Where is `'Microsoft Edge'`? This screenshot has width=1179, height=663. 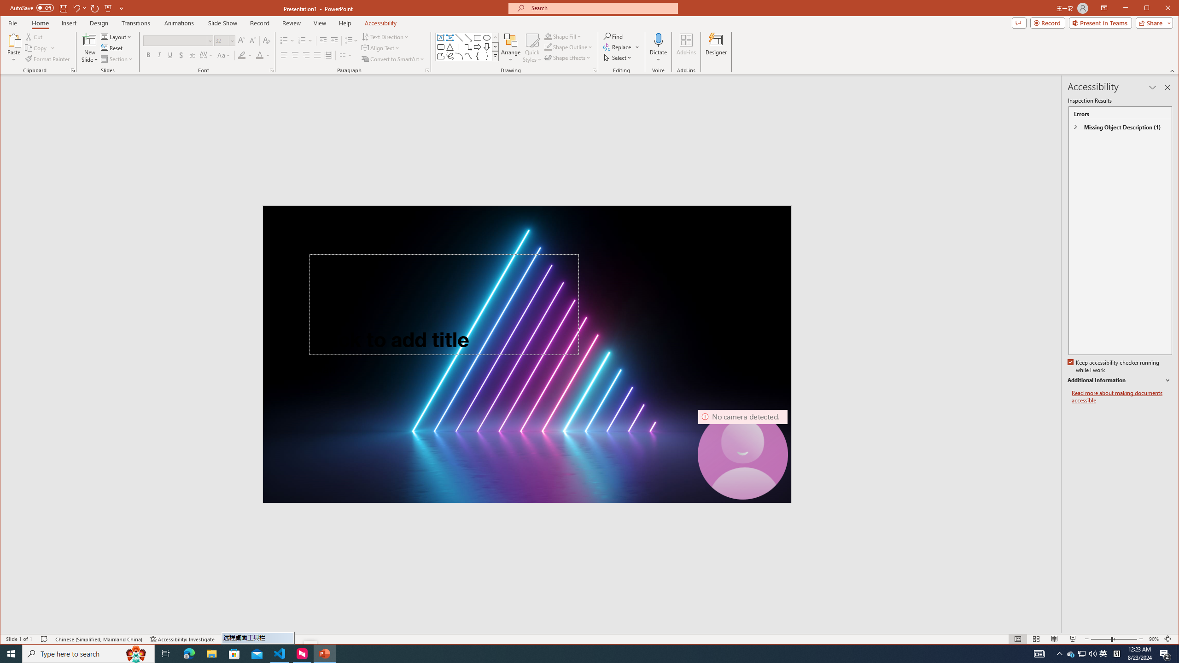
'Microsoft Edge' is located at coordinates (188, 653).